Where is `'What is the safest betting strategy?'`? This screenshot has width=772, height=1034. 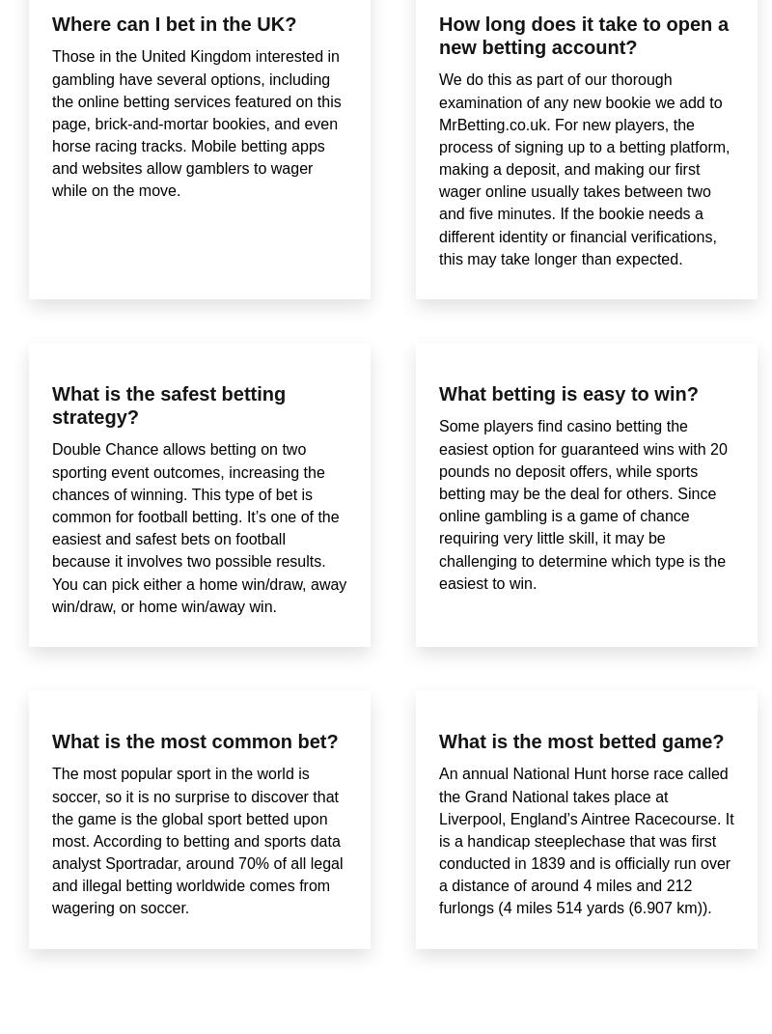
'What is the safest betting strategy?' is located at coordinates (168, 405).